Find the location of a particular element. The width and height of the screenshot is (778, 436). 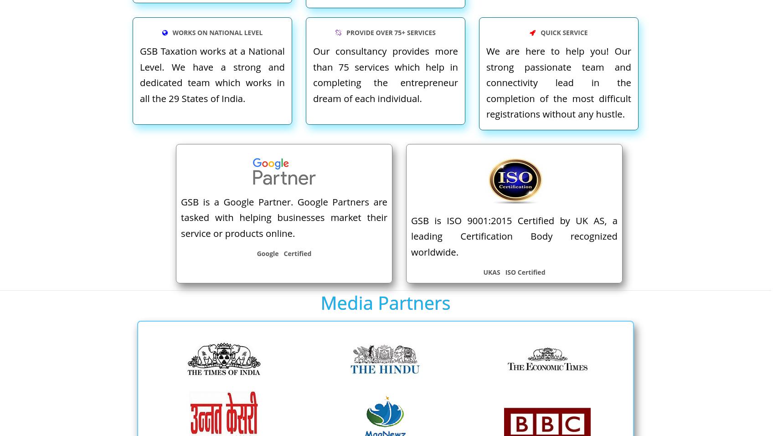

'UKAS   ISO Certified' is located at coordinates (513, 272).